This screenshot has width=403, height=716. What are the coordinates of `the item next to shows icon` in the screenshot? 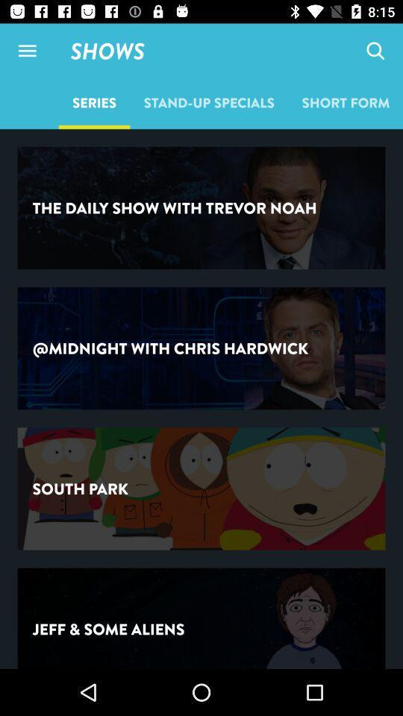 It's located at (27, 51).